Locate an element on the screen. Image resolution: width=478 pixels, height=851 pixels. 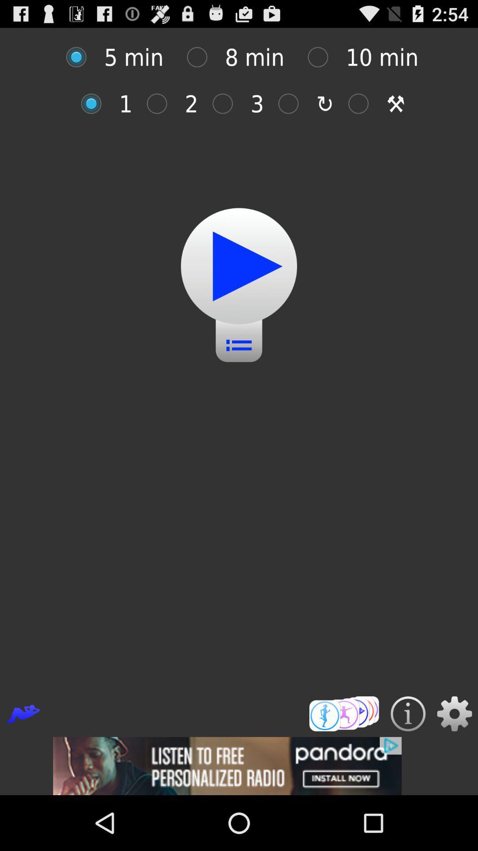
option 1 is located at coordinates (96, 104).